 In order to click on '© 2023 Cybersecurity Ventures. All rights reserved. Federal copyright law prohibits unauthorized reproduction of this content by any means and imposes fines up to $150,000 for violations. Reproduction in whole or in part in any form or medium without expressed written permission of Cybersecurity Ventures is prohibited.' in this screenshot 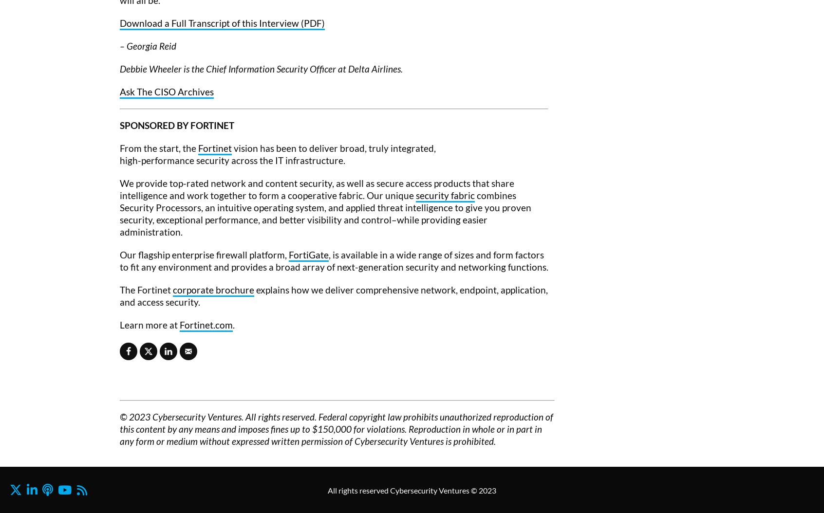, I will do `click(120, 429)`.